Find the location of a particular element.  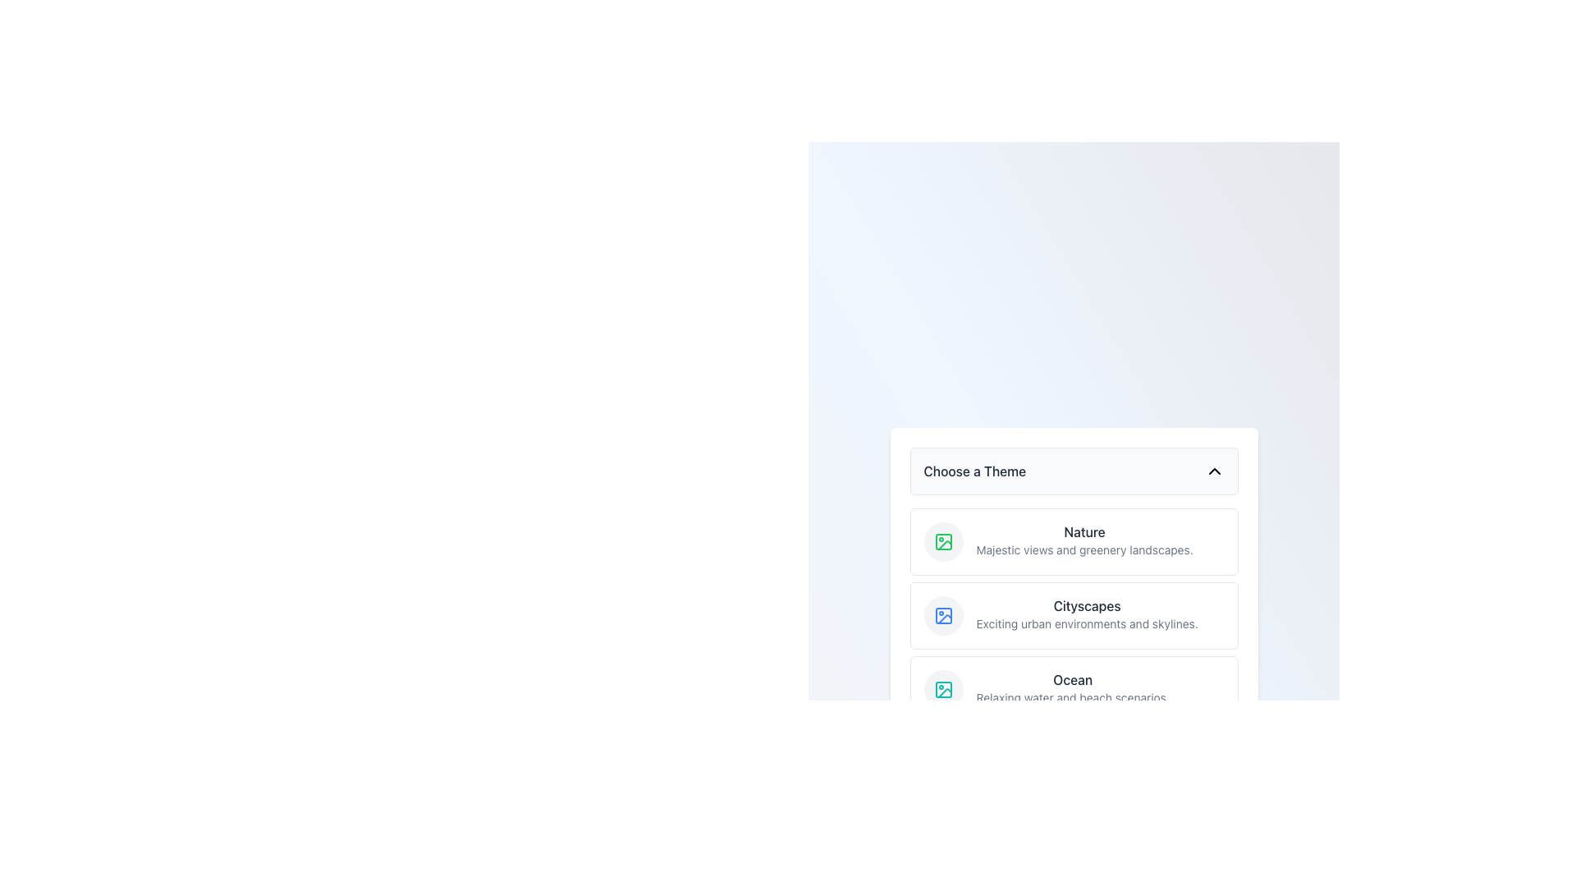

the largest rectangular SVG icon component representing a placeholder image within the themed list item for 'Cityscapes' is located at coordinates (943, 615).